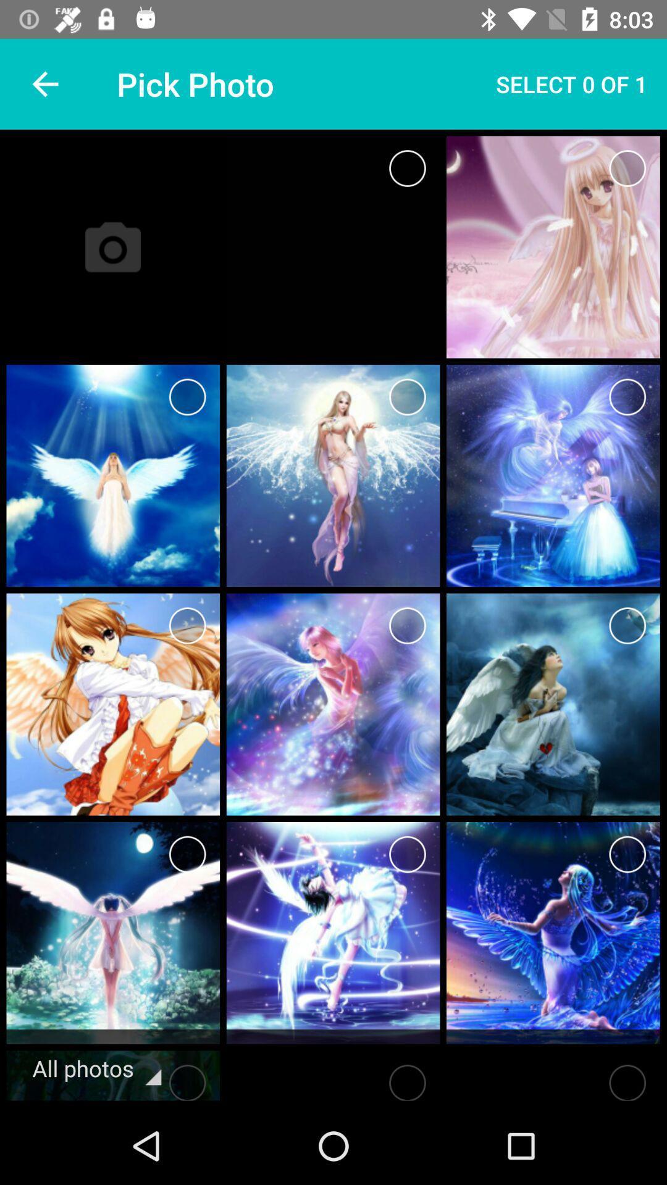 The height and width of the screenshot is (1185, 667). Describe the element at coordinates (407, 168) in the screenshot. I see `to select something` at that location.